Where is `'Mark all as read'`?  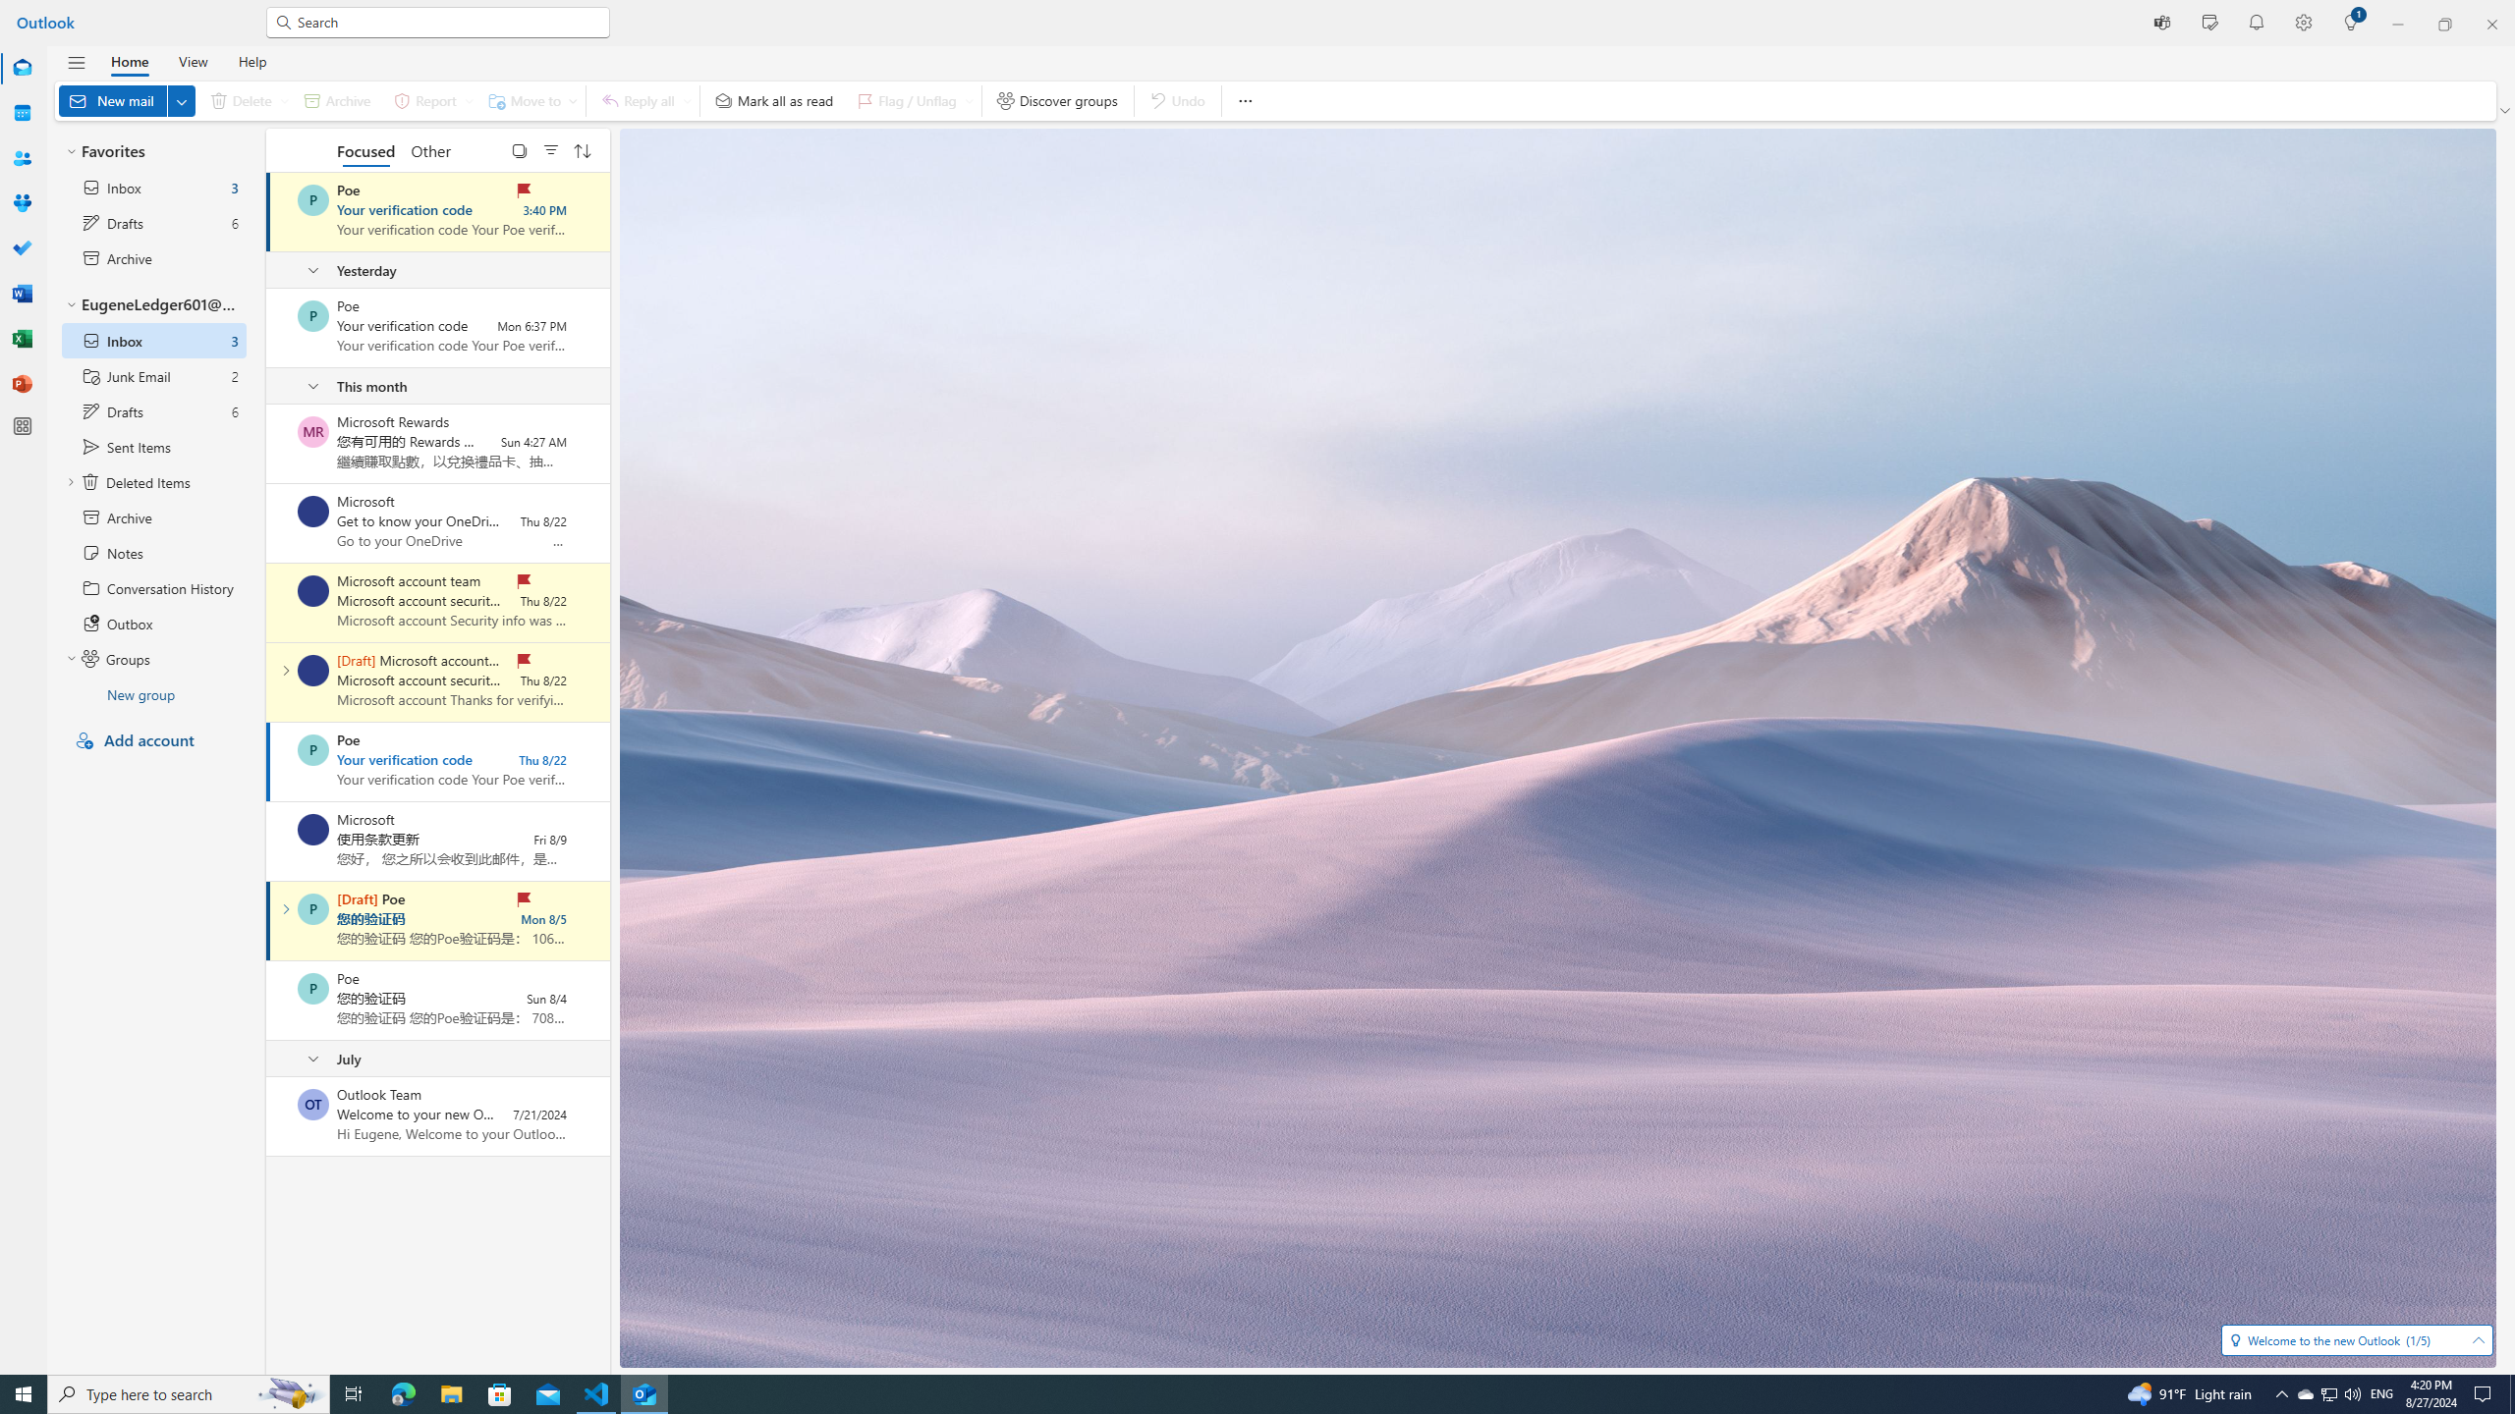
'Mark all as read' is located at coordinates (773, 100).